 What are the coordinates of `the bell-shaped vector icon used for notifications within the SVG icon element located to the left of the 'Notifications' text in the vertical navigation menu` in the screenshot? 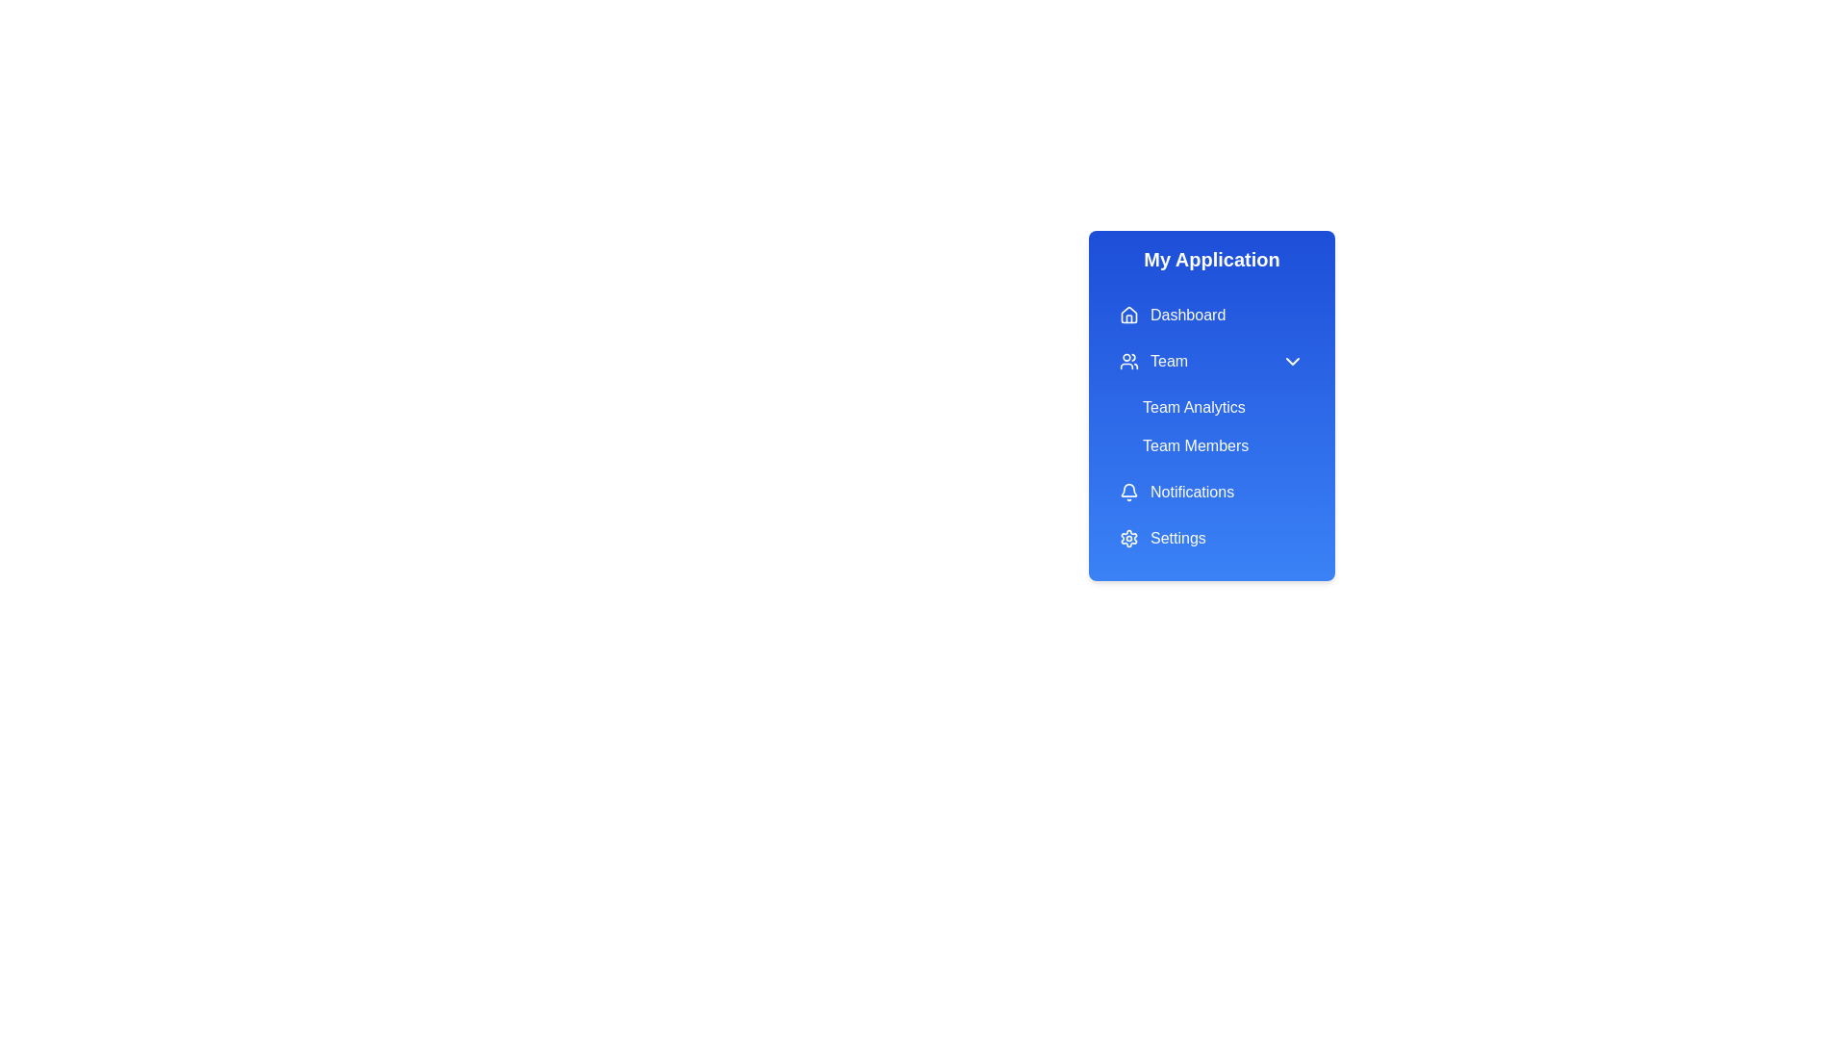 It's located at (1129, 489).